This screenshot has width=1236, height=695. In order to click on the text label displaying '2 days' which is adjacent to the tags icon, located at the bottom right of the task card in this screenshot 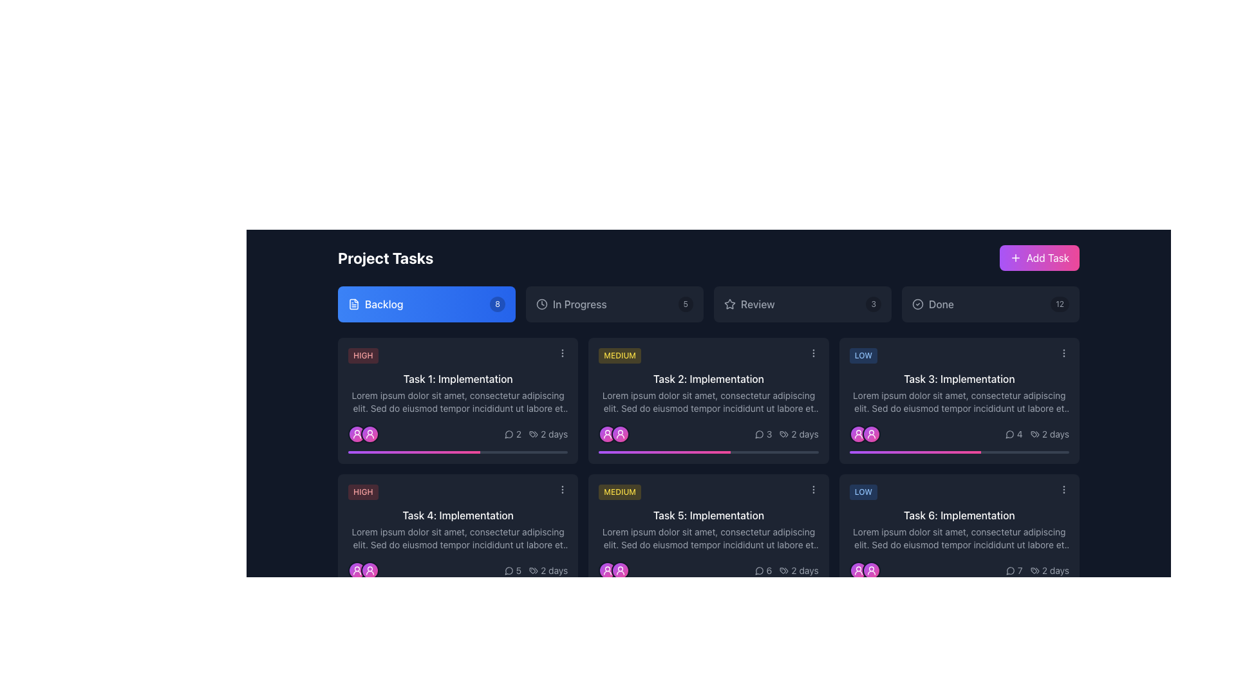, I will do `click(1038, 570)`.